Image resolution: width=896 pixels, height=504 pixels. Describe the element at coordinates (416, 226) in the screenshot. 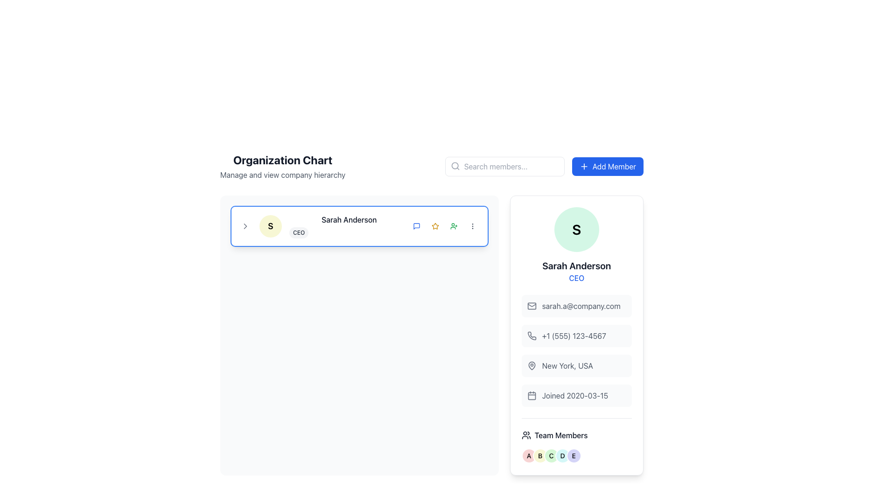

I see `the speech bubble icon representing the communication/message feature located in the left-hand segment of the horizontal bar for 'Sarah Anderson'` at that location.